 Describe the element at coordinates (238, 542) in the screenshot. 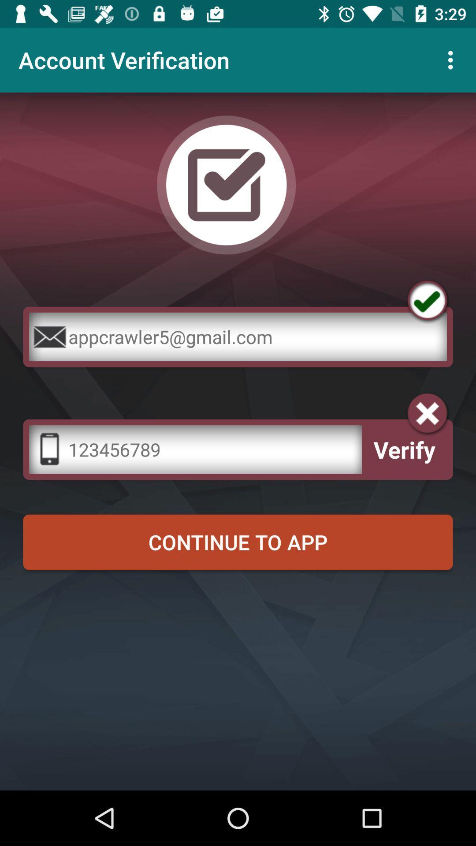

I see `the continue to app` at that location.